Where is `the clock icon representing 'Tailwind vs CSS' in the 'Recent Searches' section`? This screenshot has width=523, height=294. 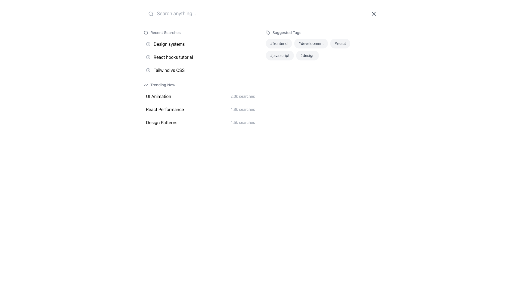
the clock icon representing 'Tailwind vs CSS' in the 'Recent Searches' section is located at coordinates (148, 70).